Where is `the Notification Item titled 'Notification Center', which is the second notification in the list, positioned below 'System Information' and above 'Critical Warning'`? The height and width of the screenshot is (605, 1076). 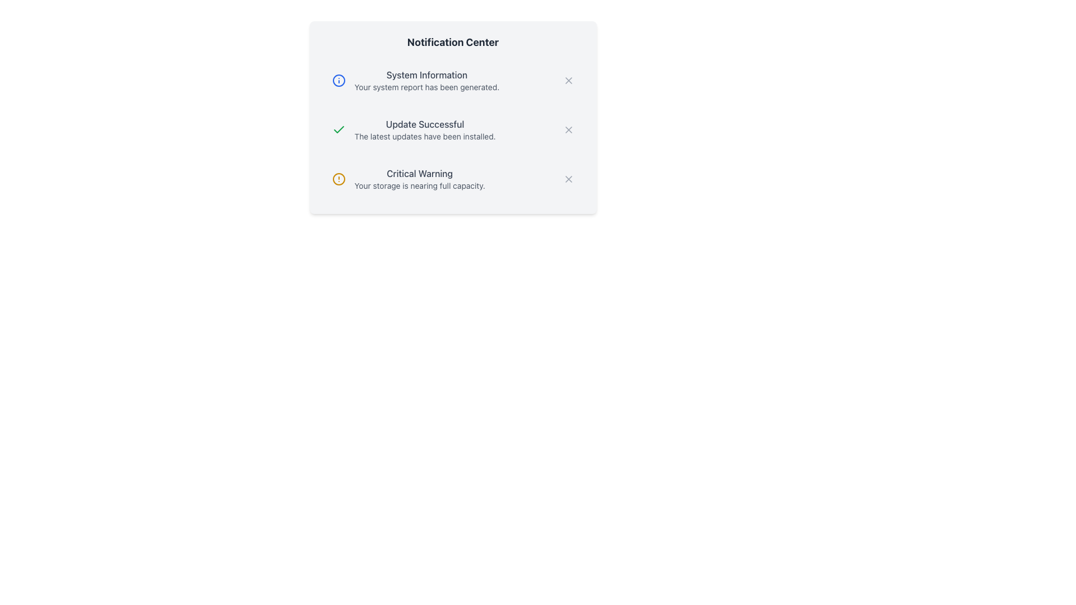
the Notification Item titled 'Notification Center', which is the second notification in the list, positioned below 'System Information' and above 'Critical Warning' is located at coordinates (453, 117).